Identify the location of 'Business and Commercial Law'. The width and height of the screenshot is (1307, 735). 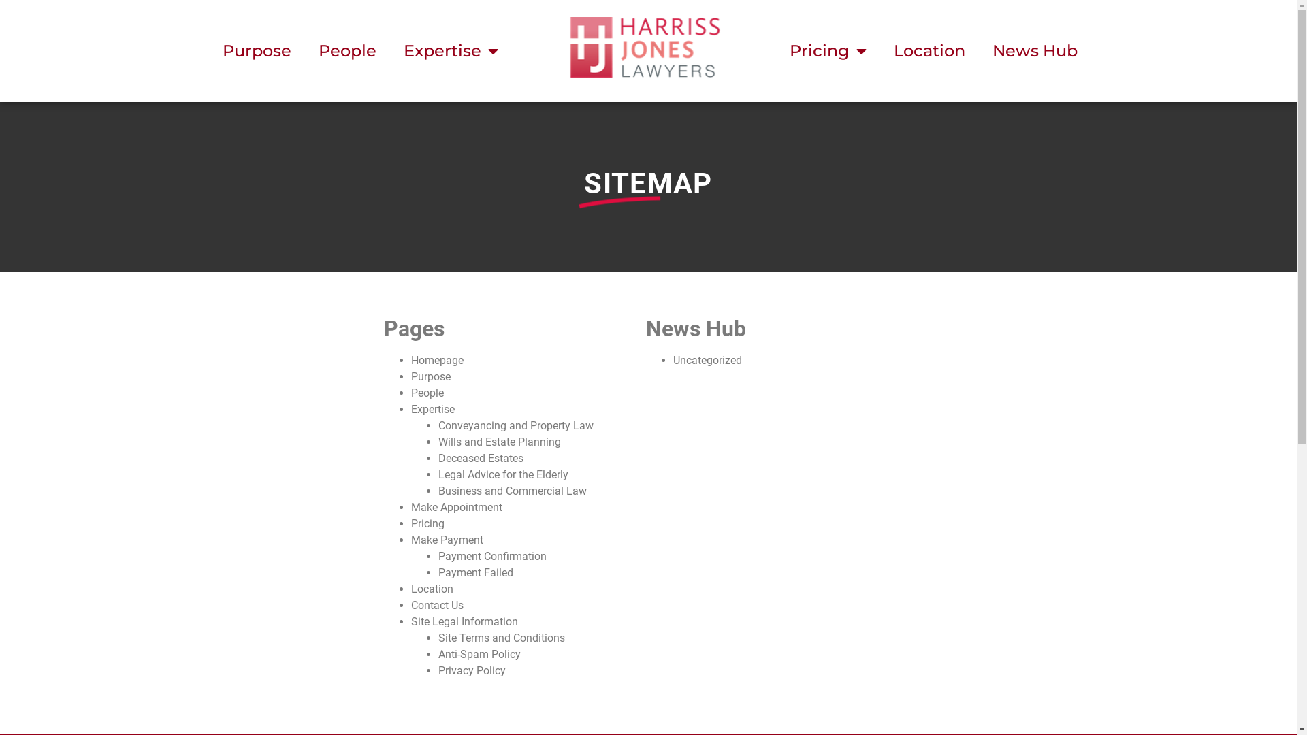
(512, 491).